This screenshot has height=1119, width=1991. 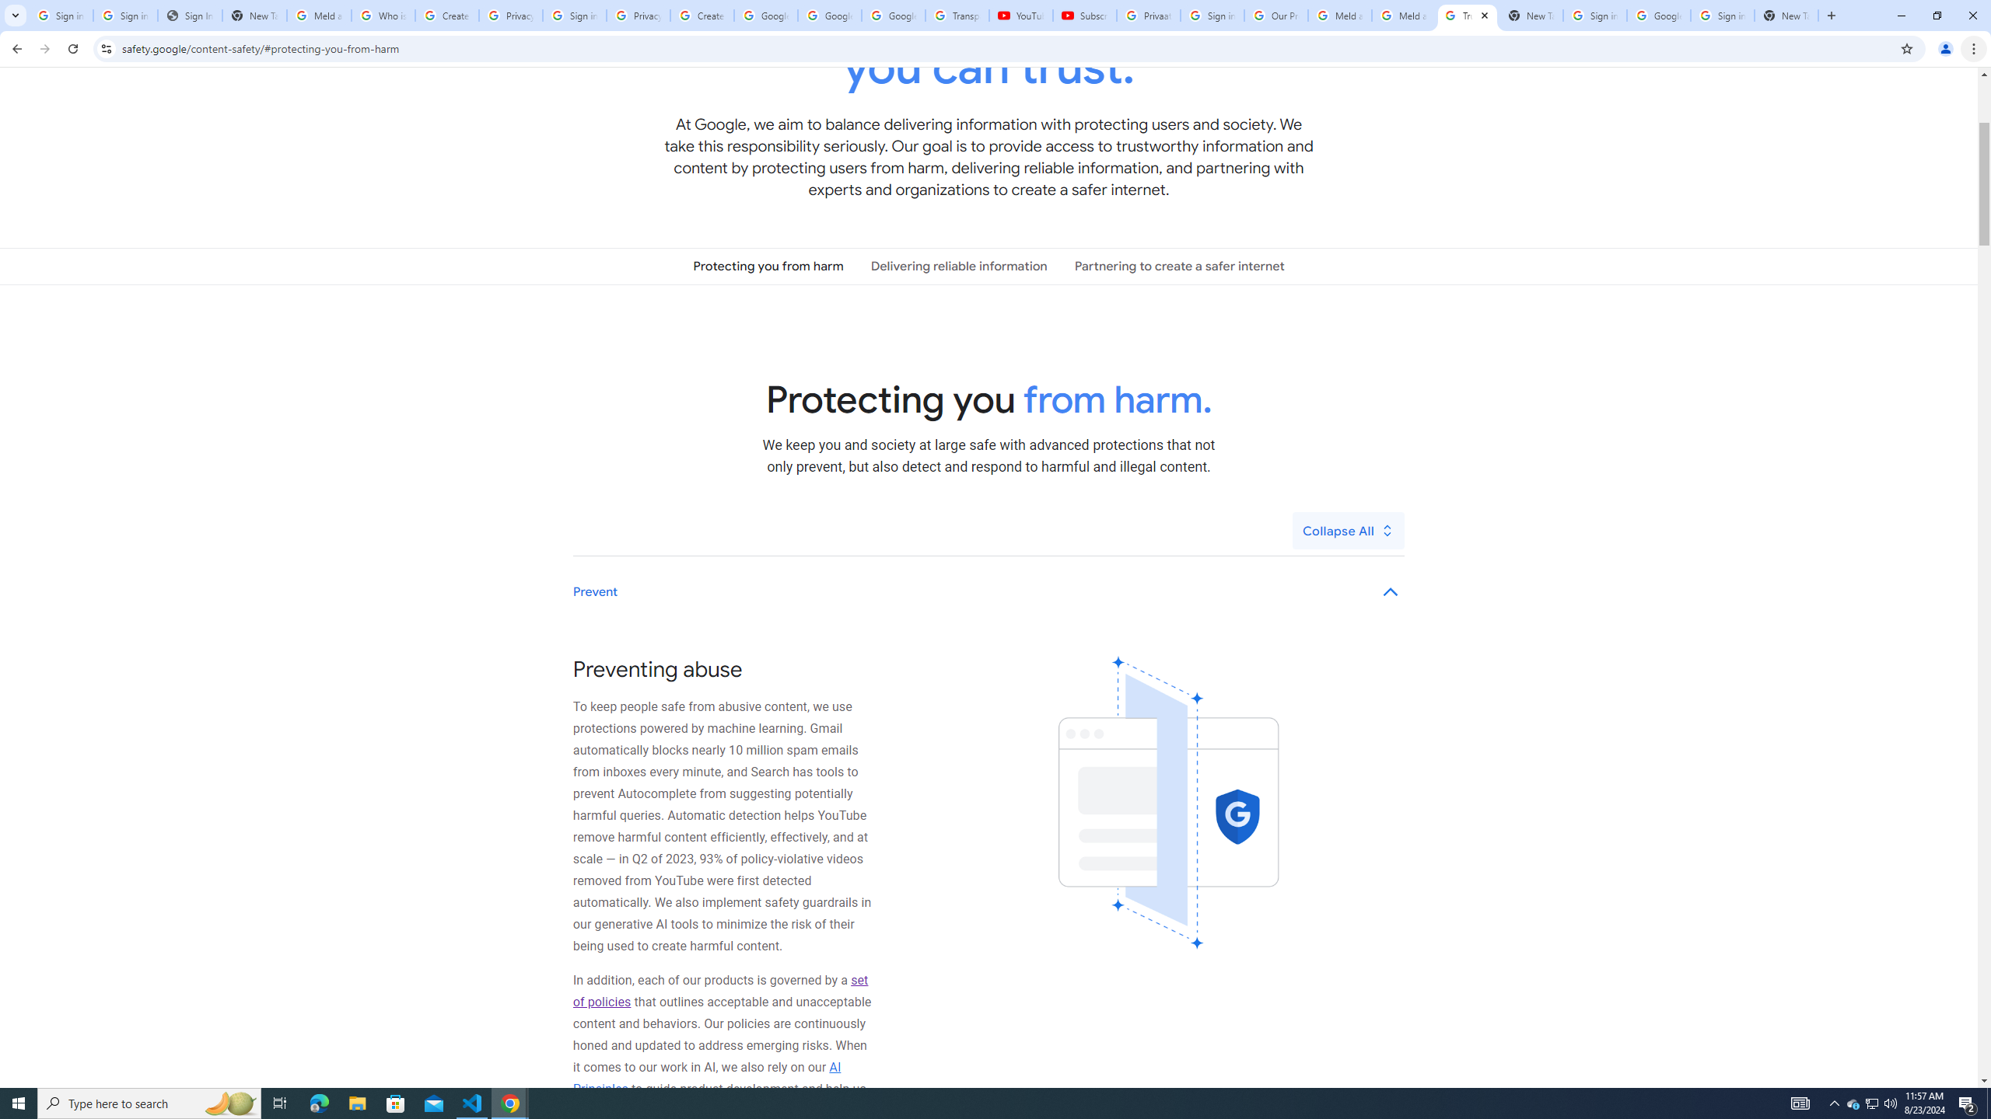 I want to click on 'Google Cybersecurity Innovations - Google Safety Center', so click(x=1658, y=15).